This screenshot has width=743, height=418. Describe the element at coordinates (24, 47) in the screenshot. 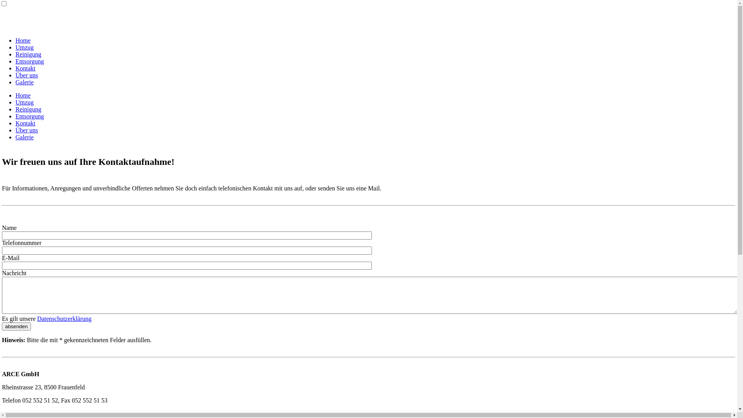

I see `'Umzug'` at that location.